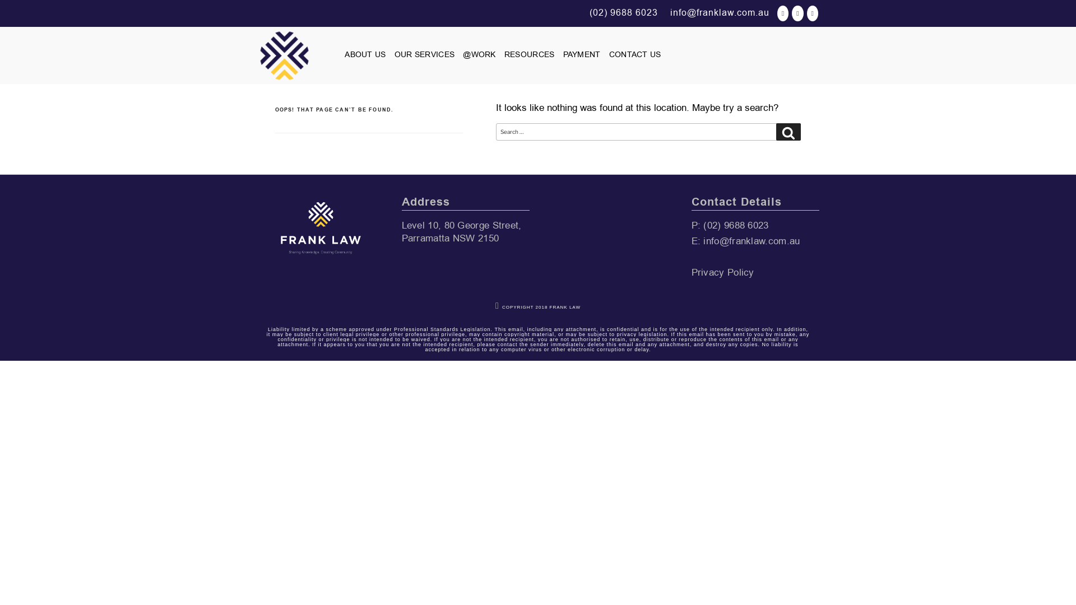 Image resolution: width=1076 pixels, height=605 pixels. Describe the element at coordinates (581, 55) in the screenshot. I see `'PAYMENT'` at that location.